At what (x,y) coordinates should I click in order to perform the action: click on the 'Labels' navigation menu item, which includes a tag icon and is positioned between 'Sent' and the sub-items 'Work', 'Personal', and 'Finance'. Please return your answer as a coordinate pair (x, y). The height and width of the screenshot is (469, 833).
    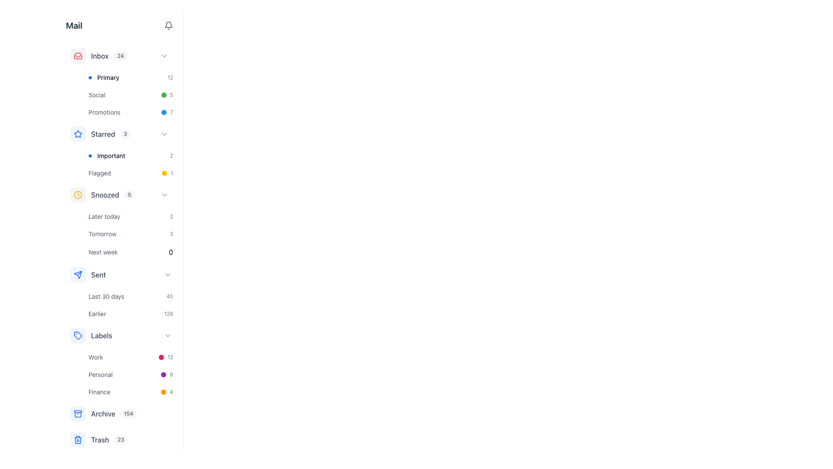
    Looking at the image, I should click on (91, 335).